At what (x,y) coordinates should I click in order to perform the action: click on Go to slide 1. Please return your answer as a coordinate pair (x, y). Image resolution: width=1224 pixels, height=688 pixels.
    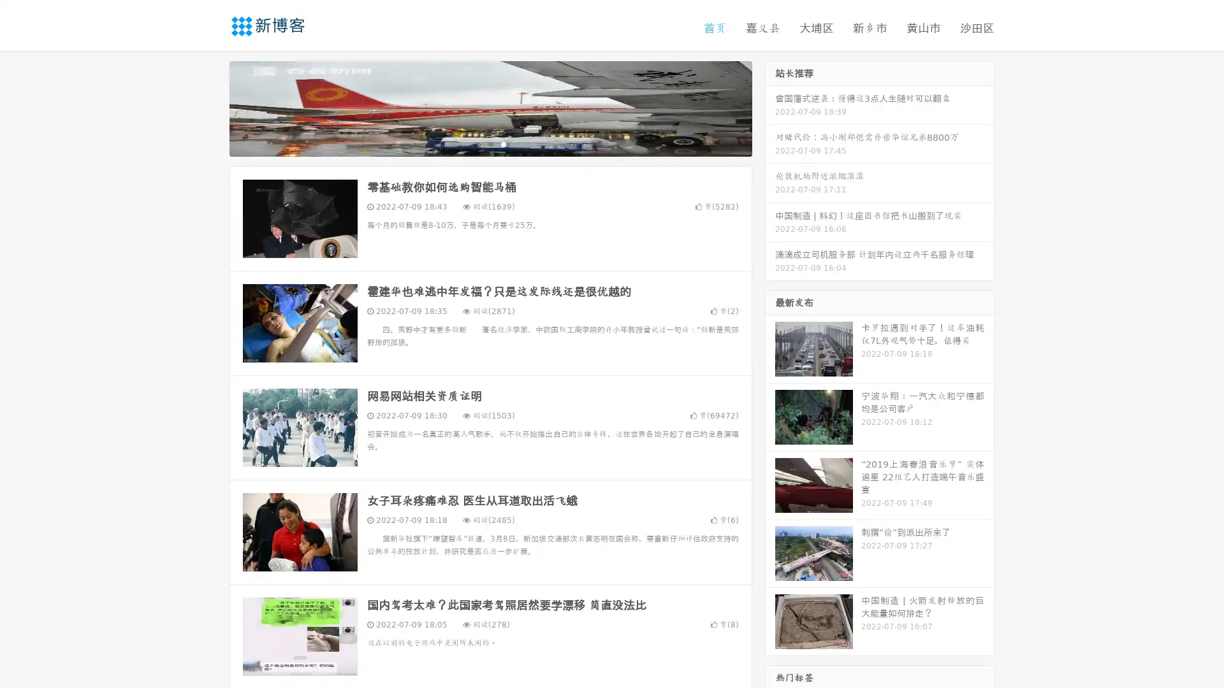
    Looking at the image, I should click on (477, 143).